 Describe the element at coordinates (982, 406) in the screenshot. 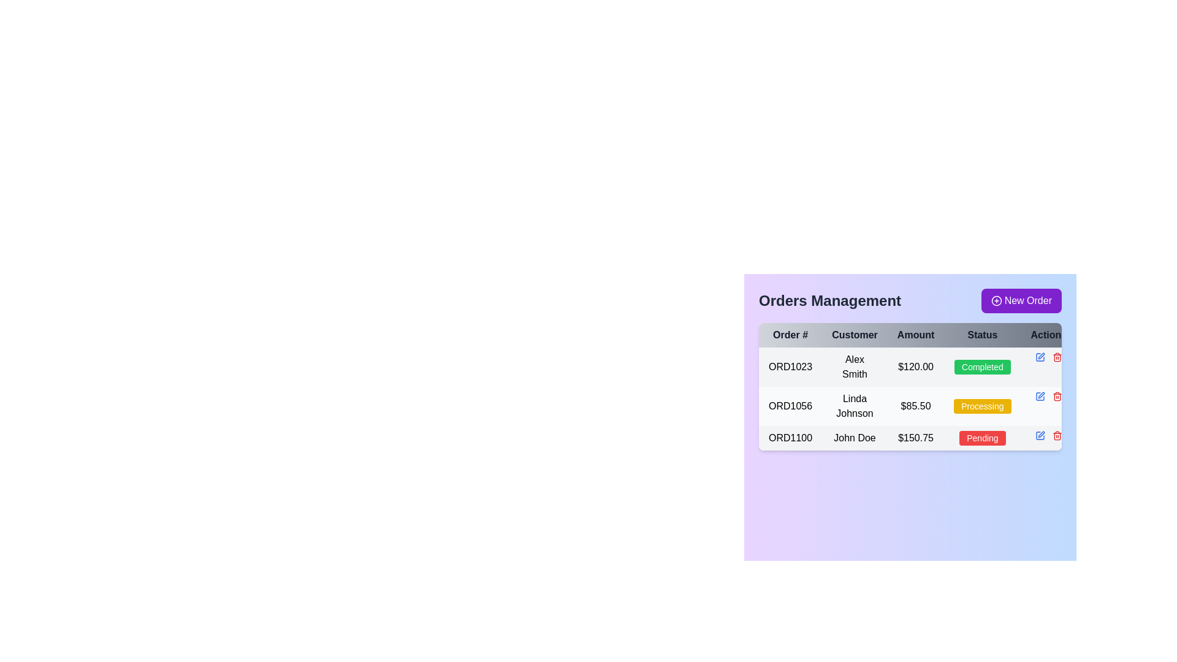

I see `the processing status label in the 'Status' column of the data table, which indicates the order status for order number 'ORD1056' in the second row` at that location.